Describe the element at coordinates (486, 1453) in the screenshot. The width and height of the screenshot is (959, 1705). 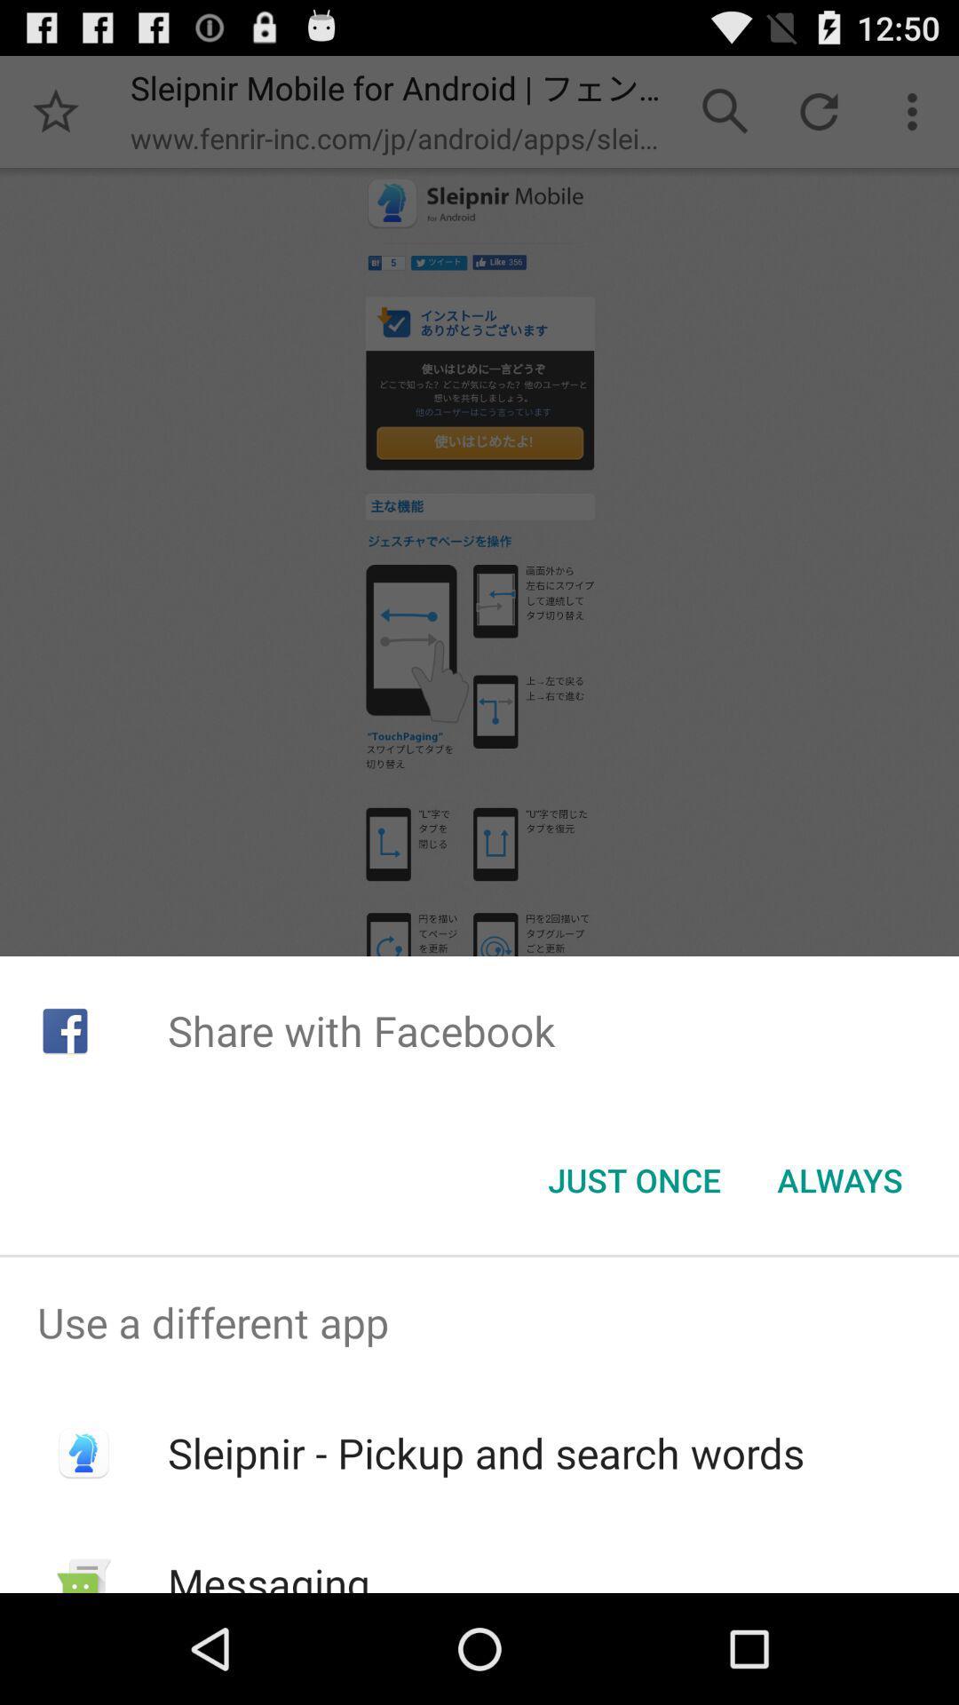
I see `sleipnir pickup and item` at that location.